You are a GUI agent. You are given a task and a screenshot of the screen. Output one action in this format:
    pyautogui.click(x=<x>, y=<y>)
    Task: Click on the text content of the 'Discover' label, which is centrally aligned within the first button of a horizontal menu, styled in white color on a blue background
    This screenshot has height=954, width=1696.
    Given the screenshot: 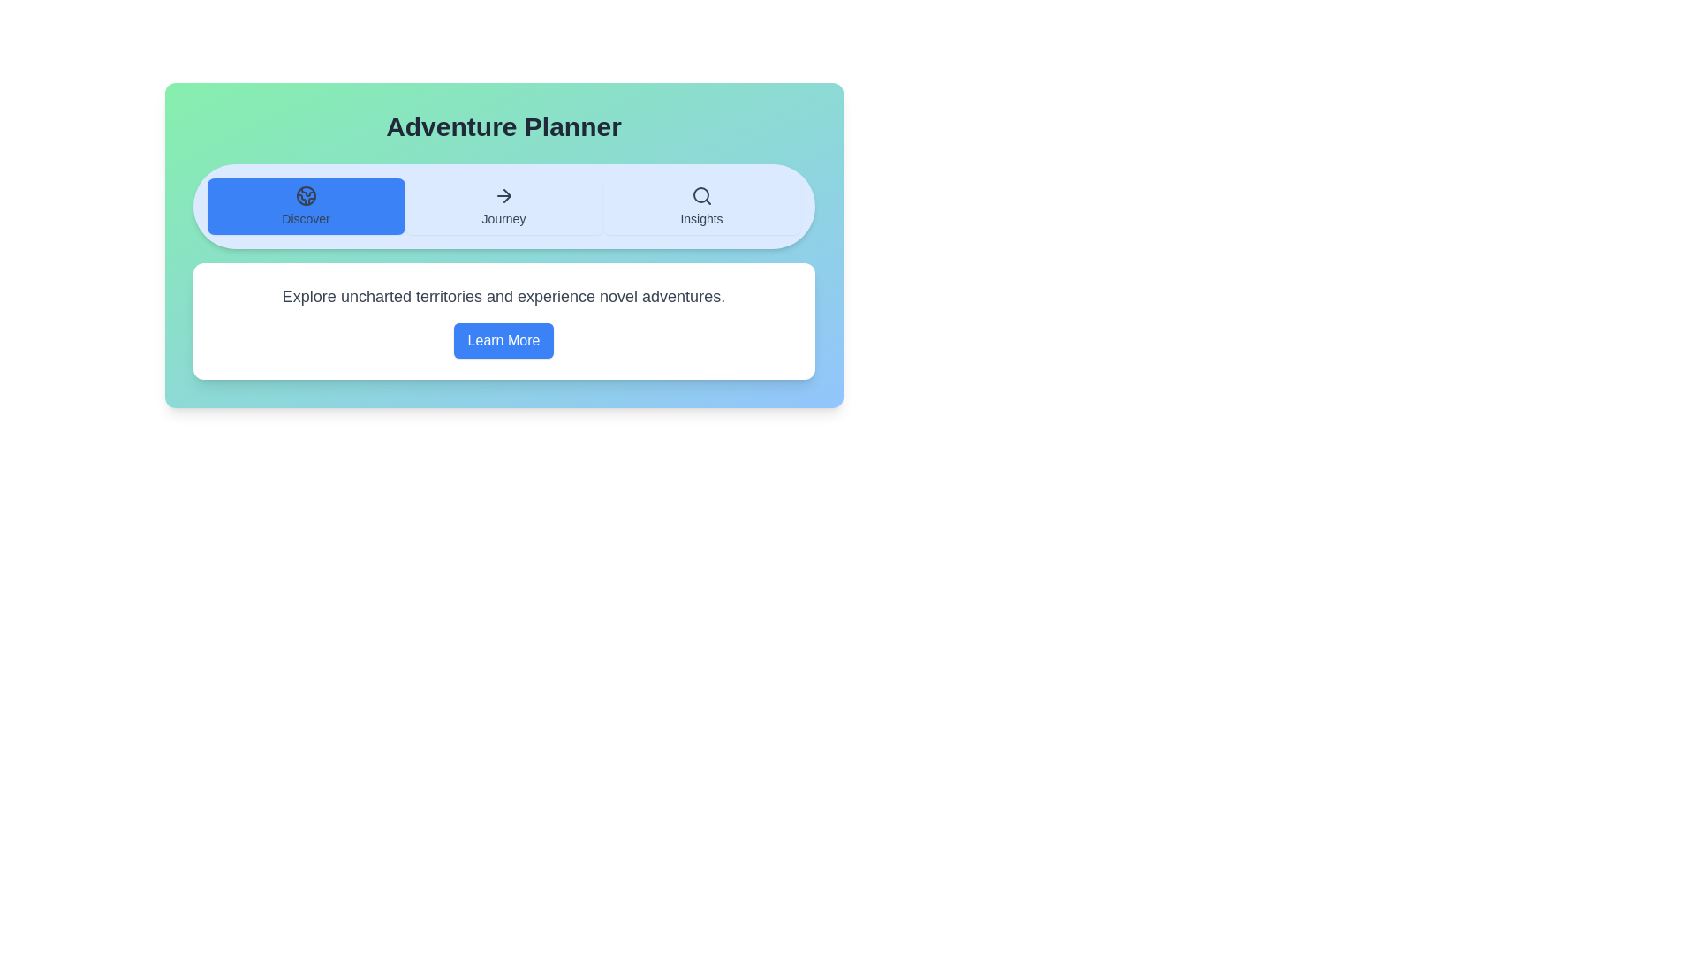 What is the action you would take?
    pyautogui.click(x=306, y=217)
    